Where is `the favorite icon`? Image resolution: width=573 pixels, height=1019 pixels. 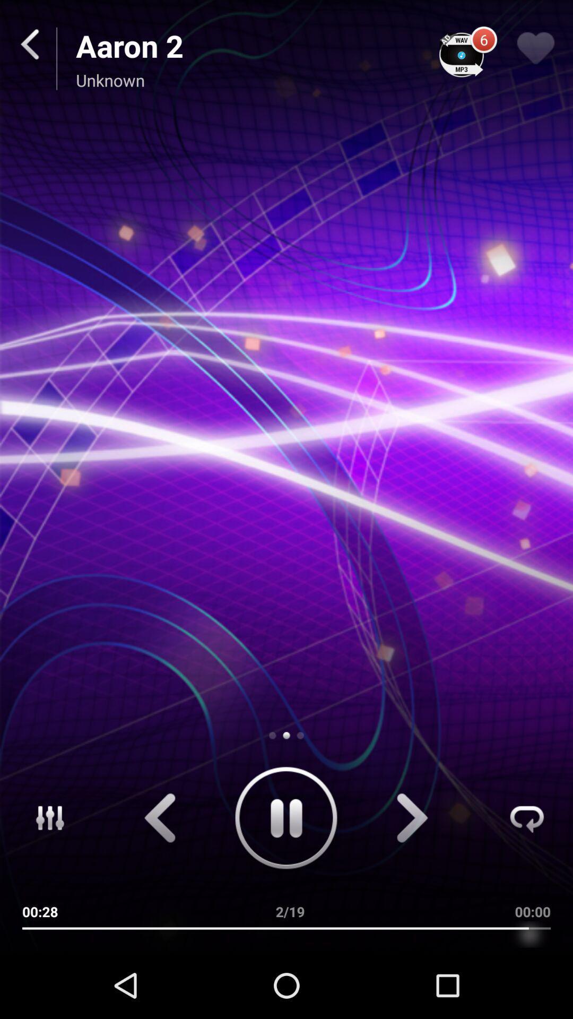
the favorite icon is located at coordinates (535, 55).